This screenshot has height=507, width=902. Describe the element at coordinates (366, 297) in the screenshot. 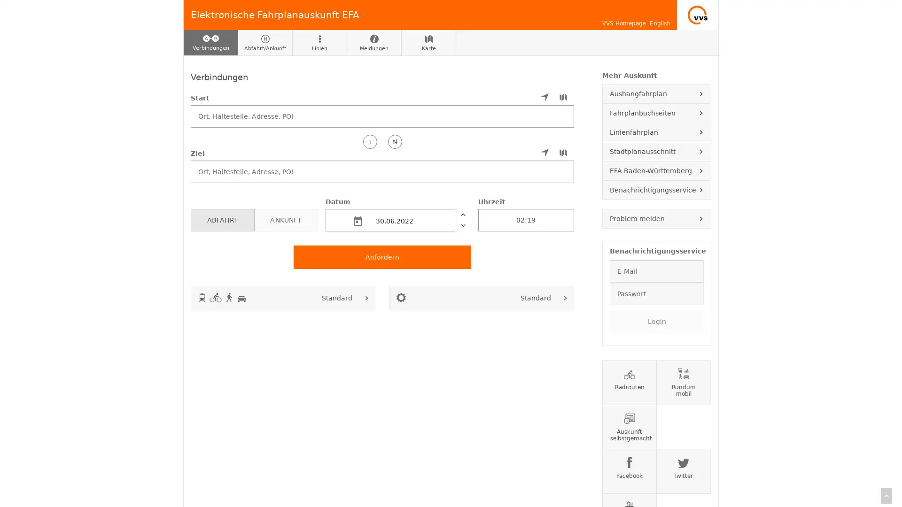

I see `Verkehrsmittel auswahlen` at that location.